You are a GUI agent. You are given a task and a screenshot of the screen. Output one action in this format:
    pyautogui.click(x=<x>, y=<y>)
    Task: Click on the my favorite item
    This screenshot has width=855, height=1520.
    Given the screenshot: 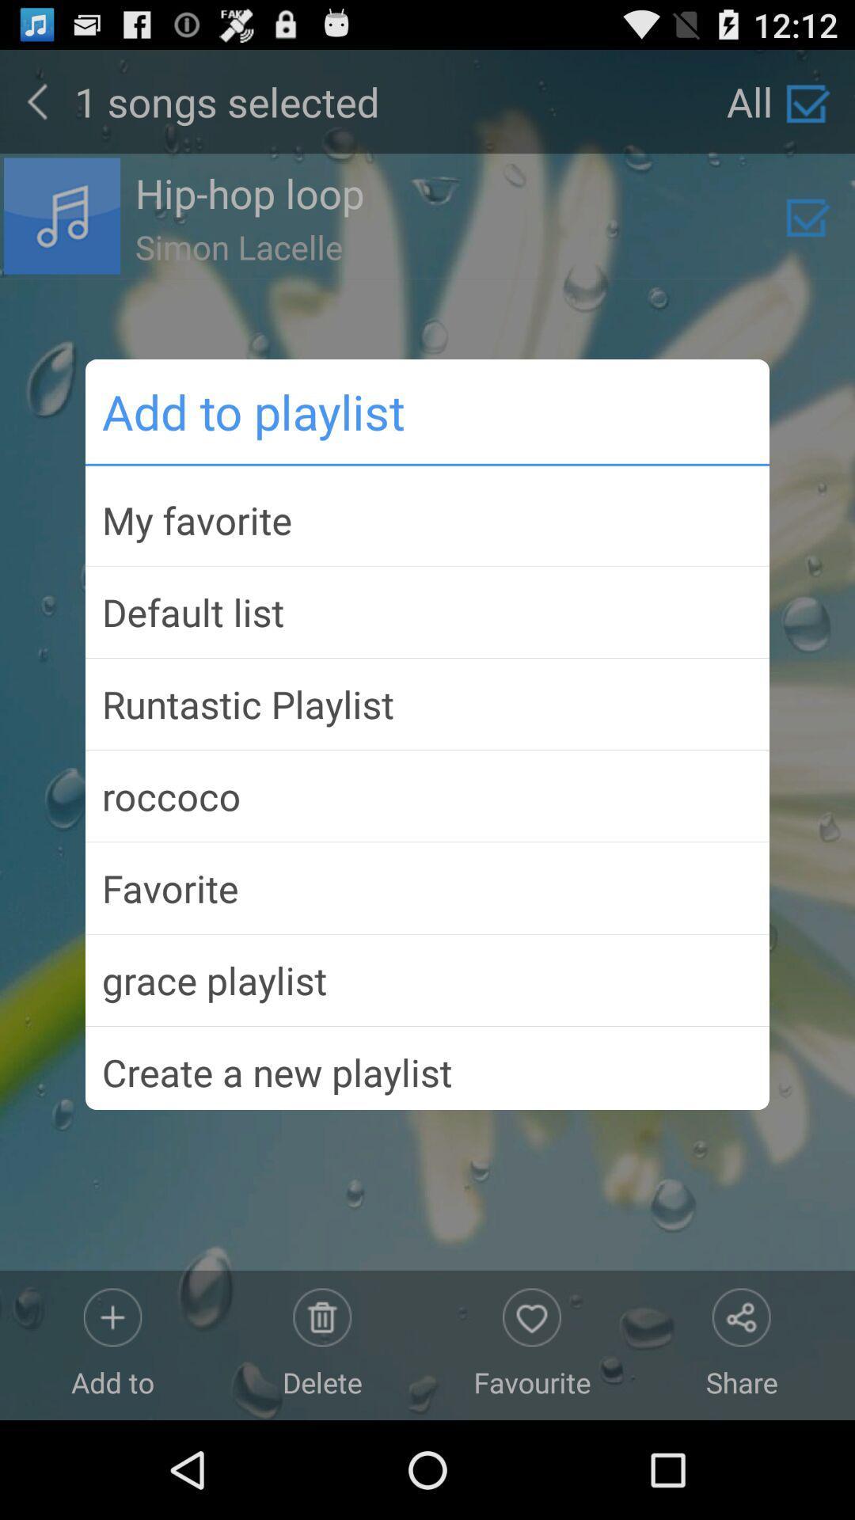 What is the action you would take?
    pyautogui.click(x=427, y=520)
    